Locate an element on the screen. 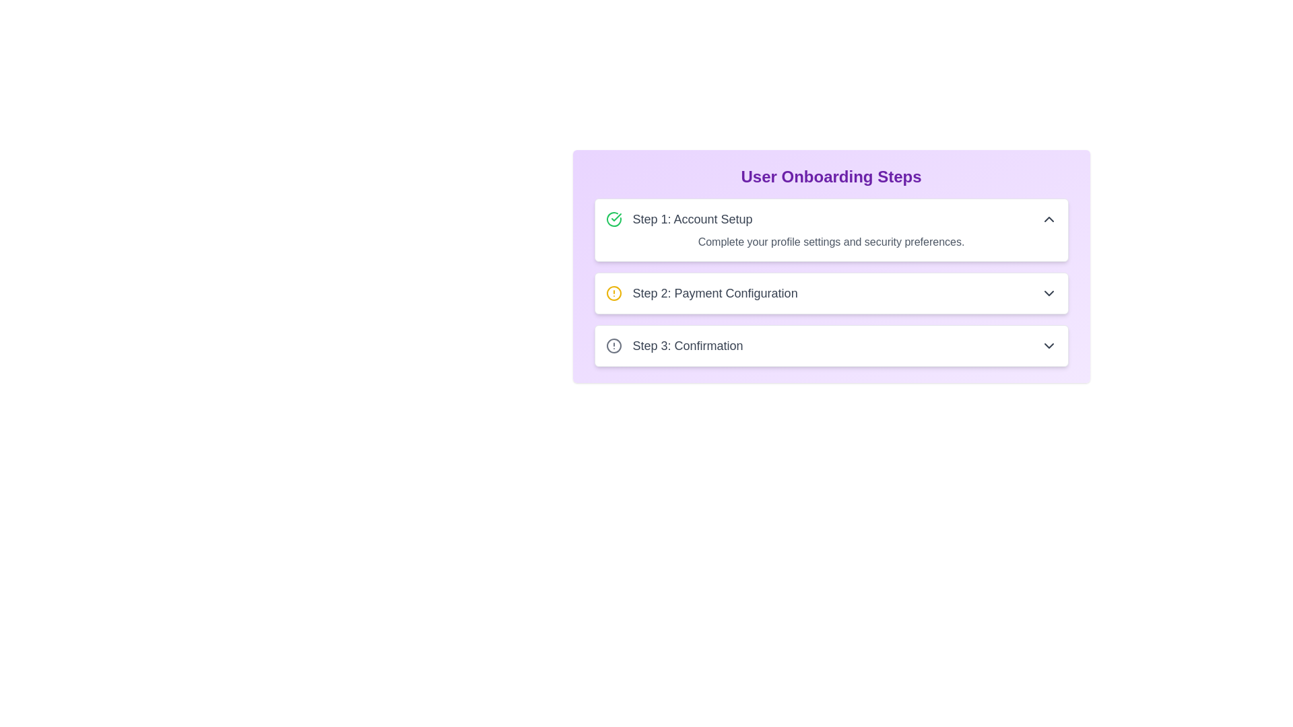 This screenshot has width=1293, height=727. text 'User Onboarding Steps' displayed prominently in a large, bold, purple font at the top of the onboarding section is located at coordinates (830, 176).